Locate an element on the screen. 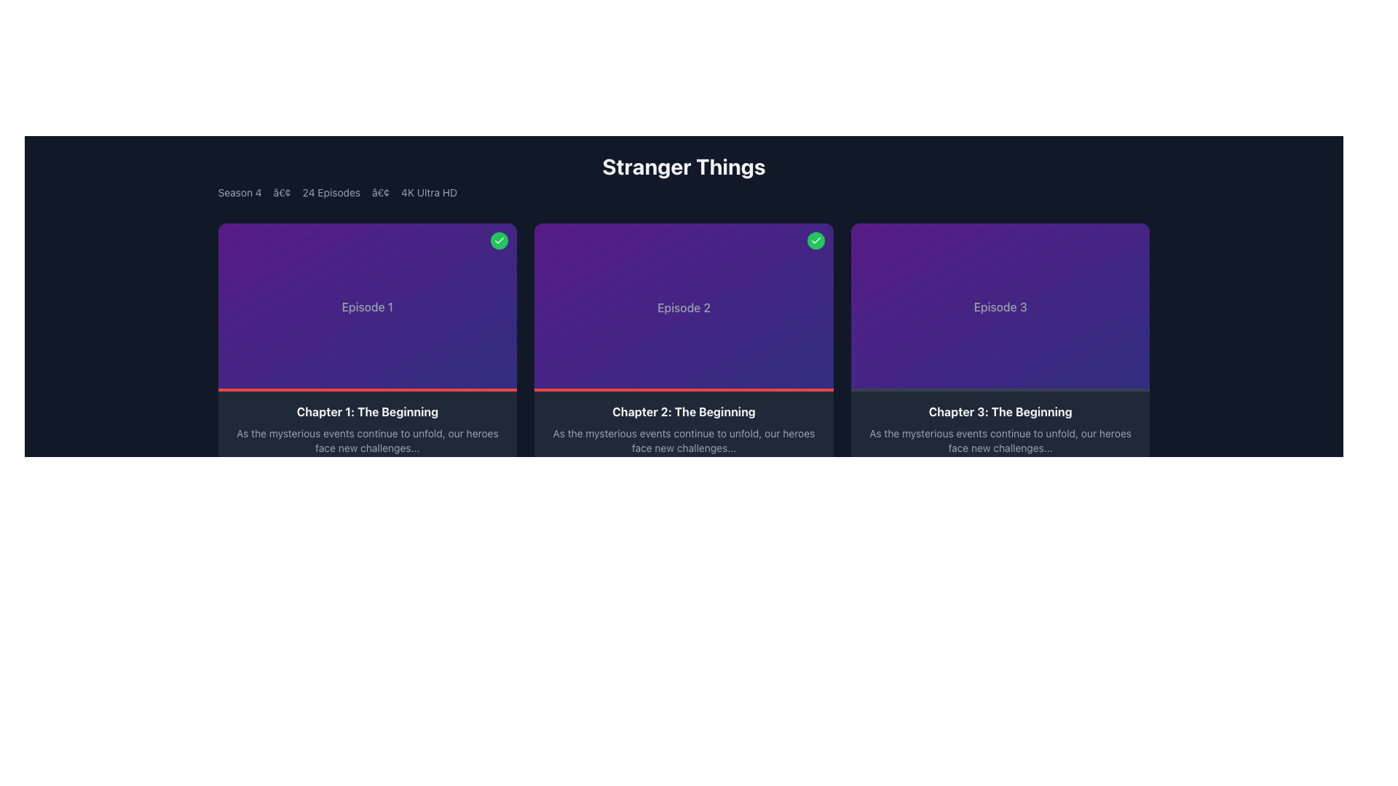 The image size is (1398, 786). the episode title is located at coordinates (367, 412).